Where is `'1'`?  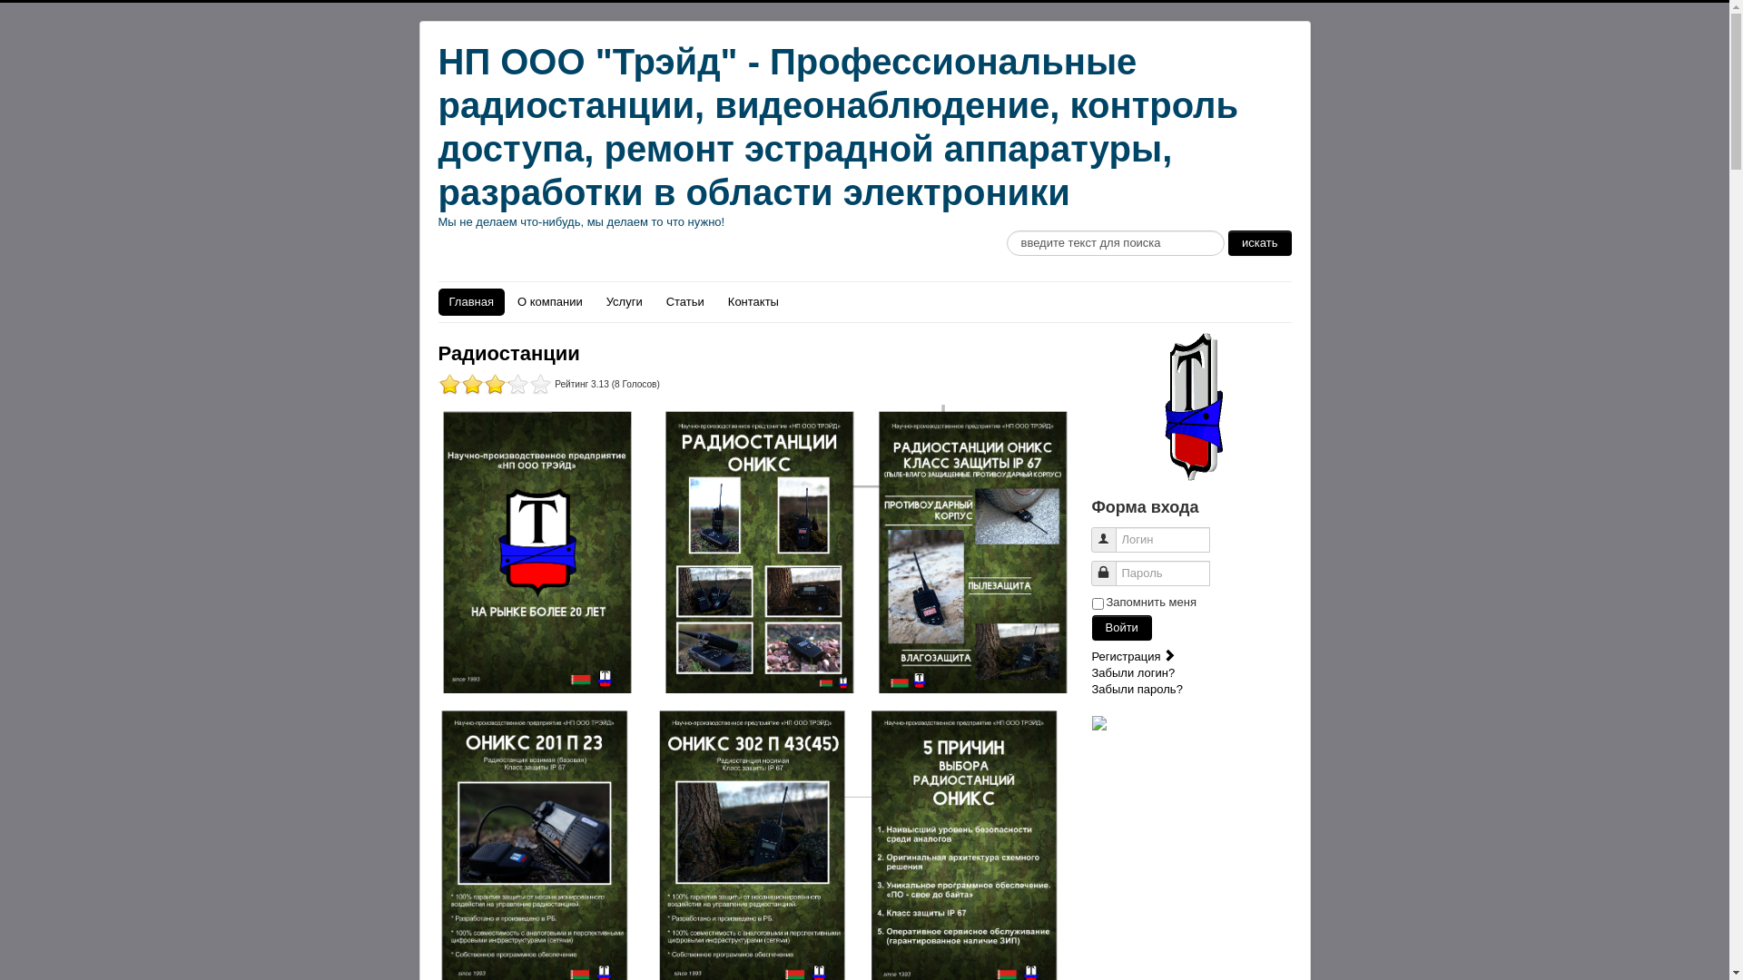
'1' is located at coordinates (494, 383).